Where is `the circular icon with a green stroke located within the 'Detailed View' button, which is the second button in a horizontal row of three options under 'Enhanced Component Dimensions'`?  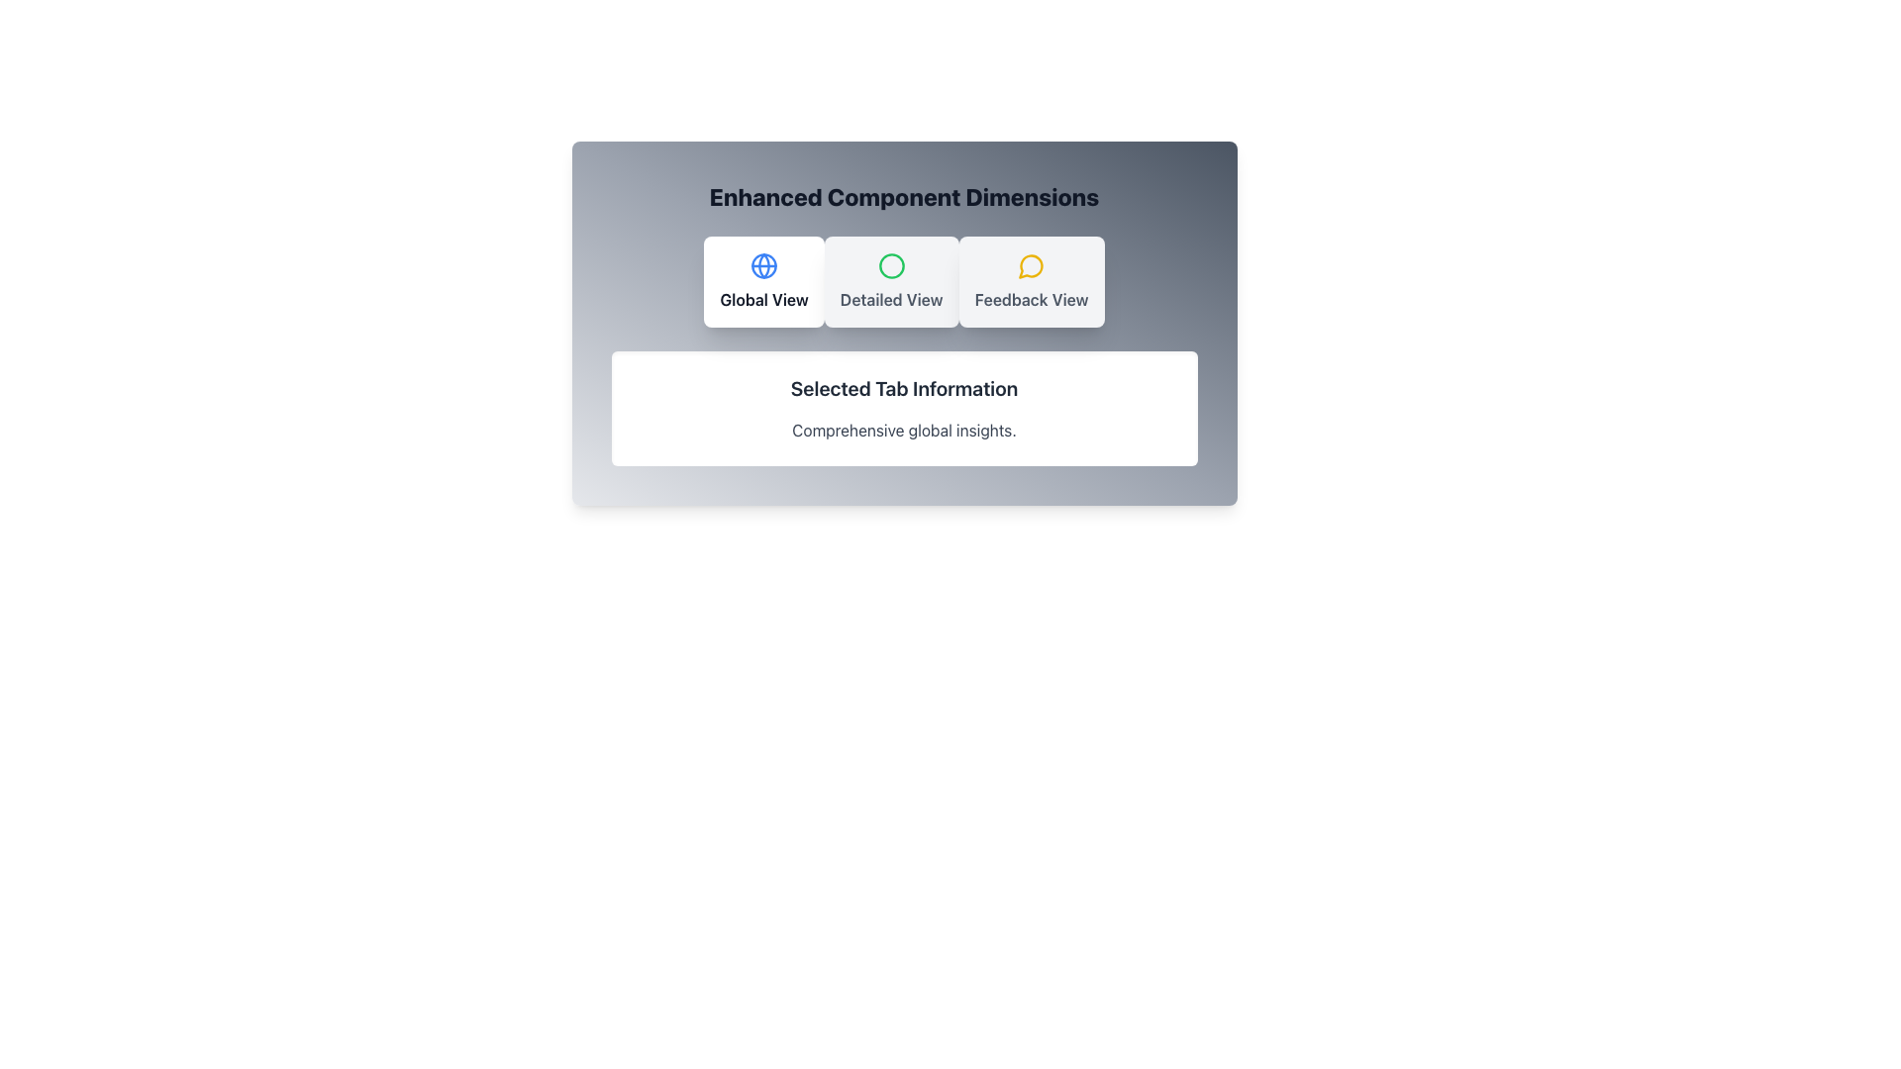 the circular icon with a green stroke located within the 'Detailed View' button, which is the second button in a horizontal row of three options under 'Enhanced Component Dimensions' is located at coordinates (890, 265).